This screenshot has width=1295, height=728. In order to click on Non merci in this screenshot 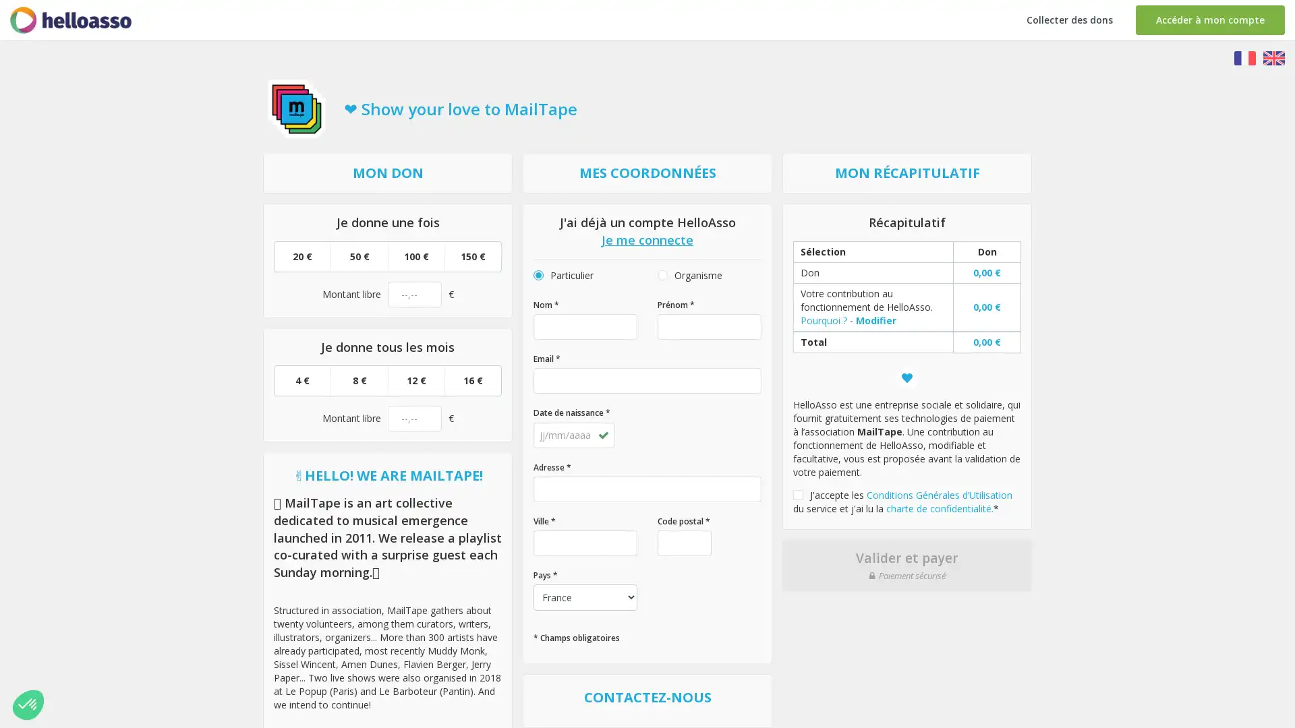, I will do `click(28, 704)`.